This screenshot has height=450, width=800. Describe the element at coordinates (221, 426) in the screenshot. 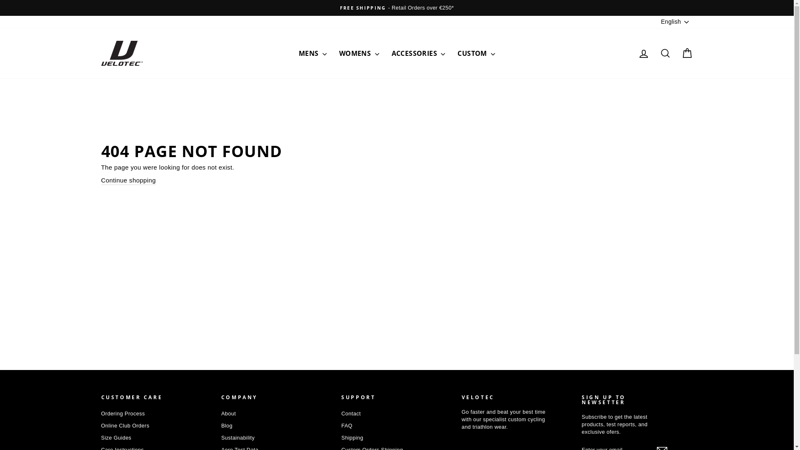

I see `'Blog'` at that location.